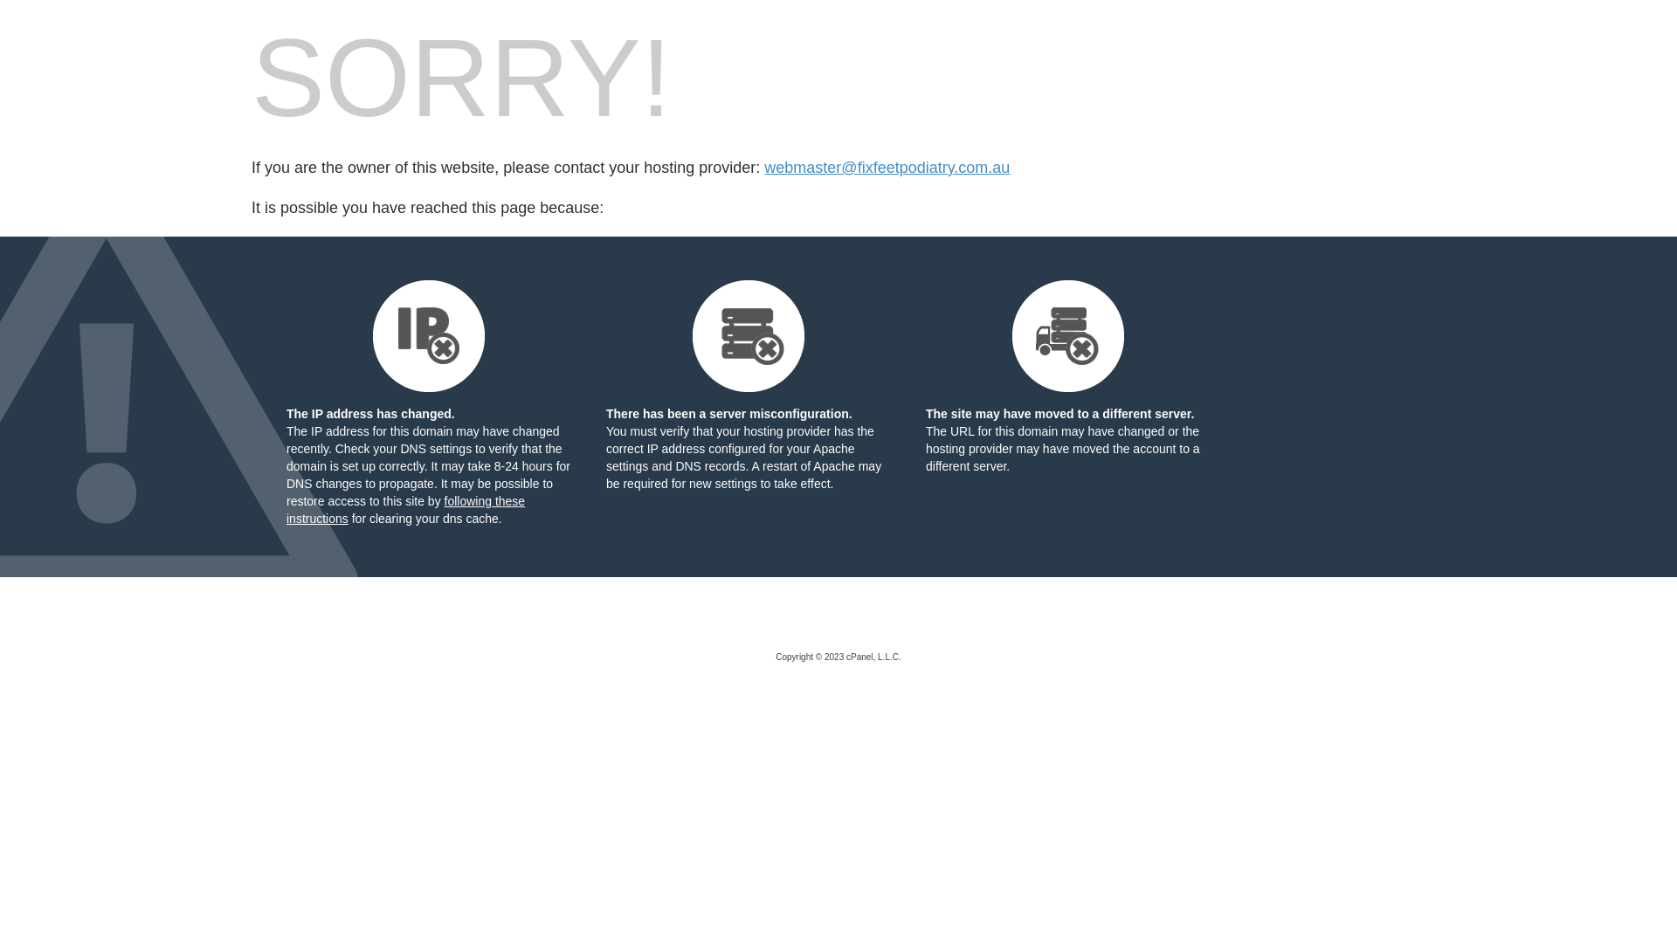  Describe the element at coordinates (286, 509) in the screenshot. I see `'following these instructions'` at that location.